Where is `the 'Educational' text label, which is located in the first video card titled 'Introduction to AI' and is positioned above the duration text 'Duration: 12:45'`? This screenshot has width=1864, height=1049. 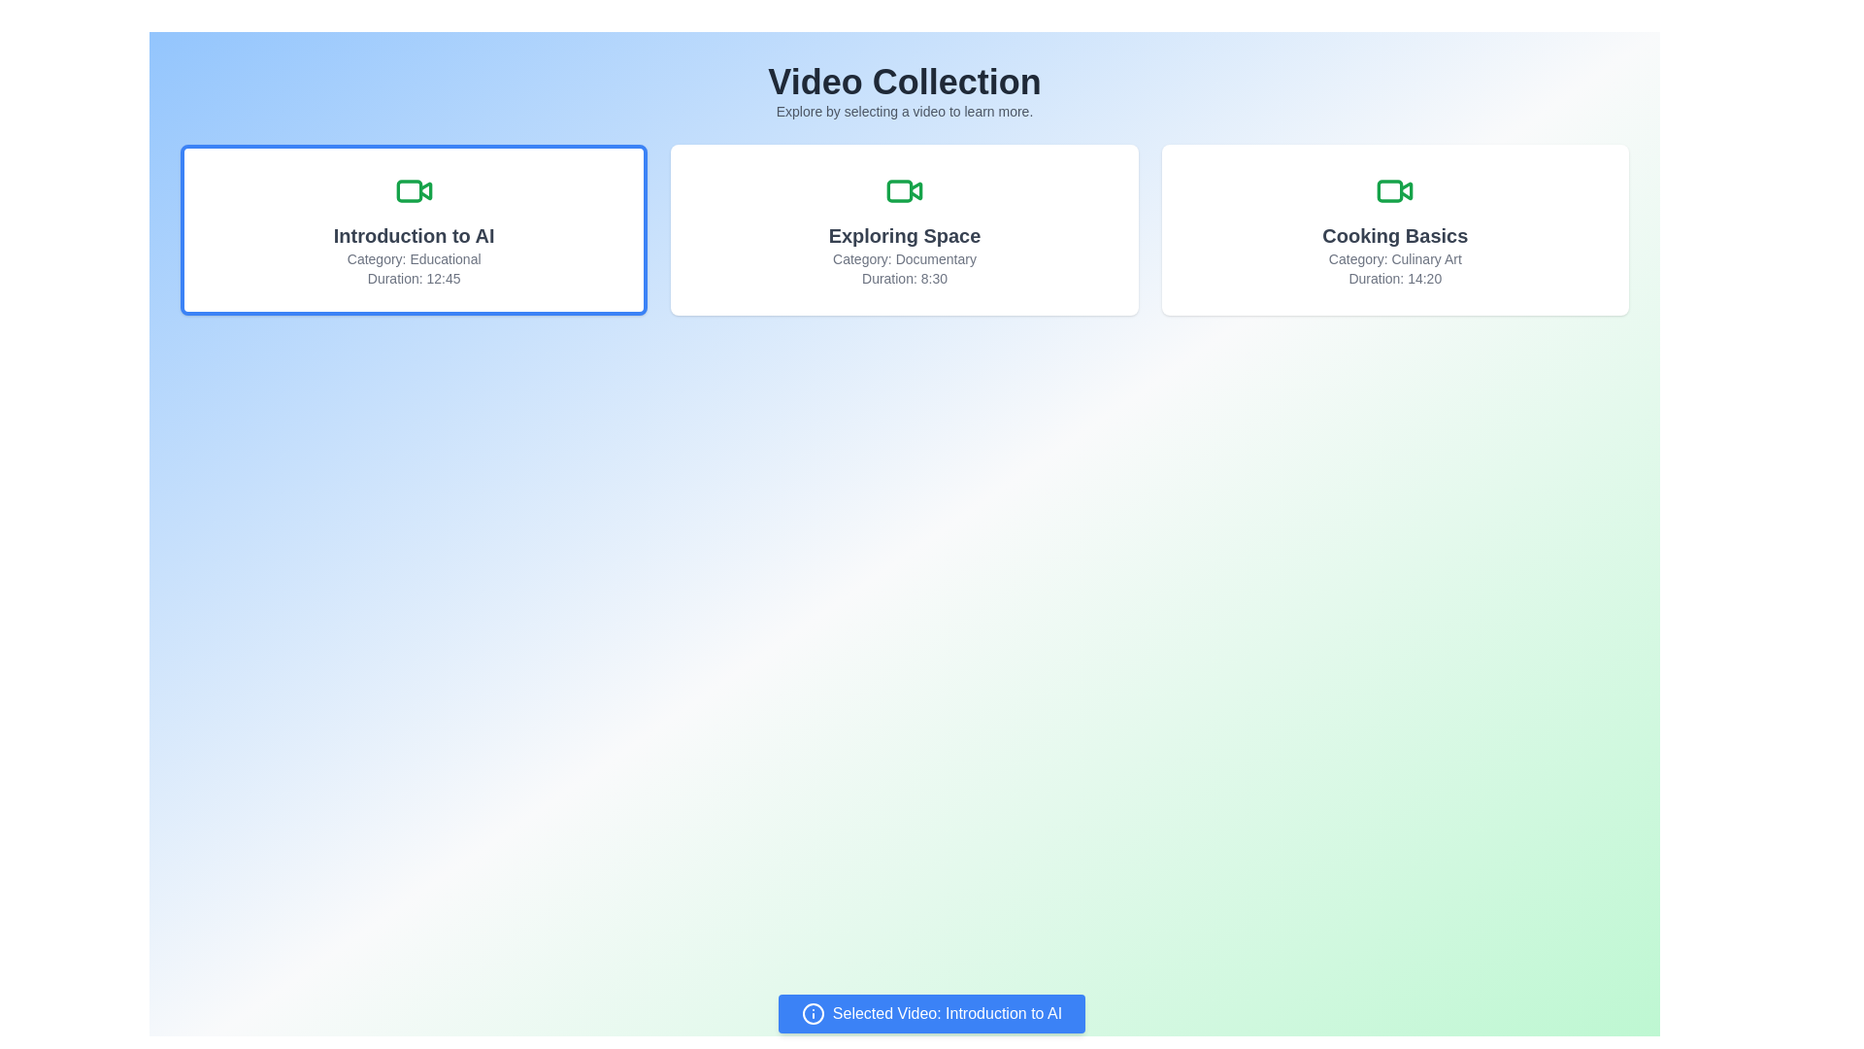
the 'Educational' text label, which is located in the first video card titled 'Introduction to AI' and is positioned above the duration text 'Duration: 12:45' is located at coordinates (413, 257).